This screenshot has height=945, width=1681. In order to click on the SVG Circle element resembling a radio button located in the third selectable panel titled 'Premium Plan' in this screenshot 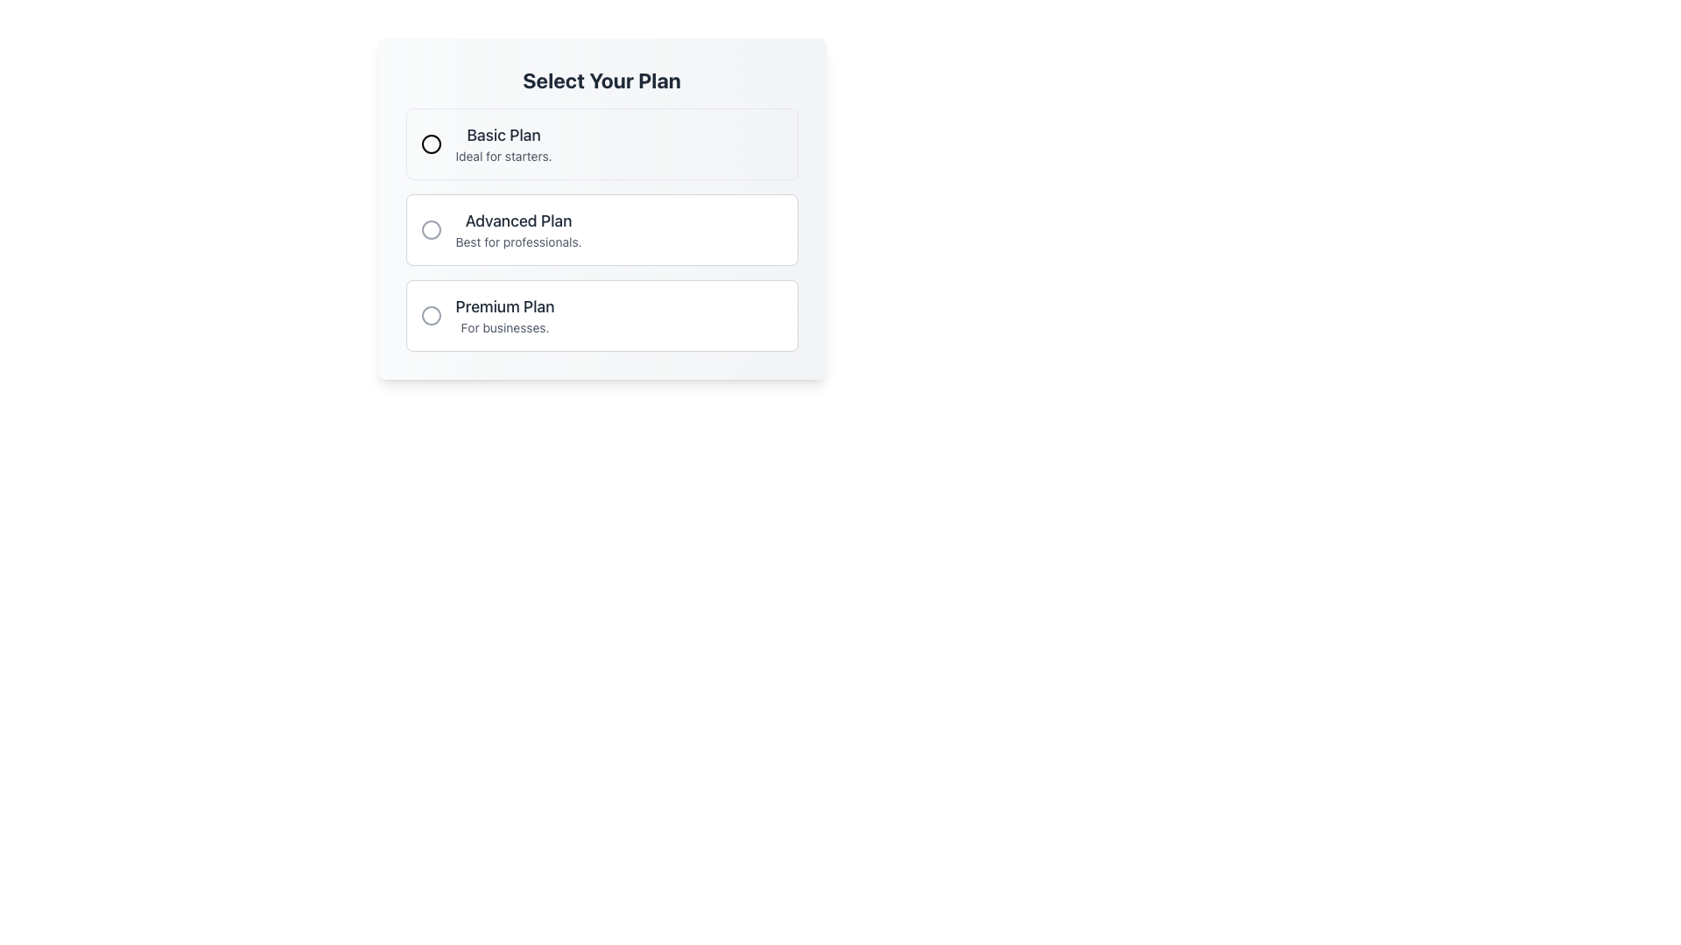, I will do `click(431, 316)`.